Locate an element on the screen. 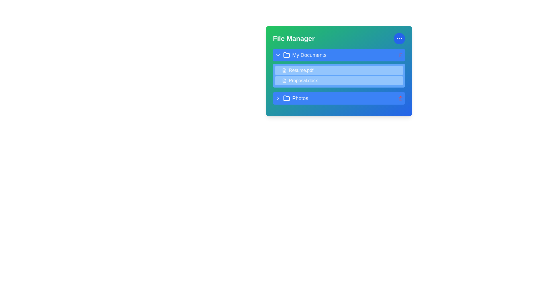 The image size is (547, 307). the action menu button located at the top right corner of the 'File Manager' section is located at coordinates (399, 38).